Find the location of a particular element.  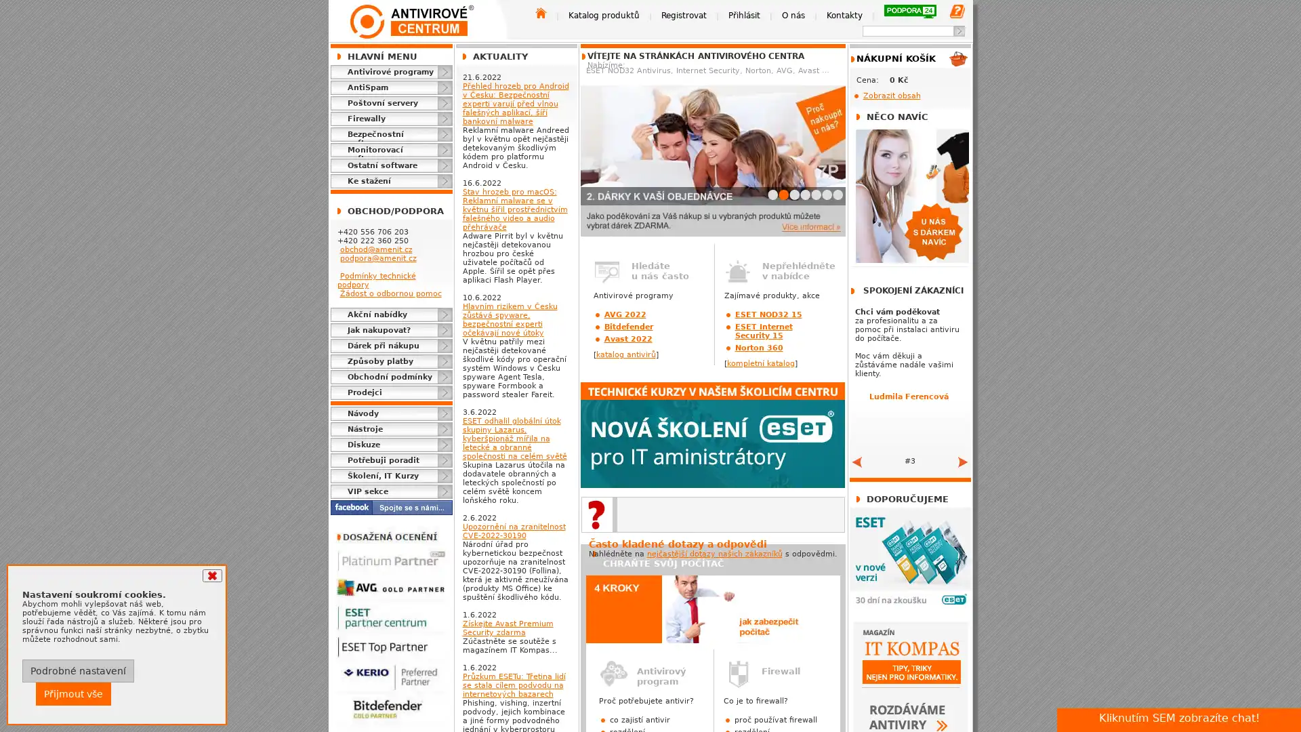

Prijmout vse is located at coordinates (73, 693).